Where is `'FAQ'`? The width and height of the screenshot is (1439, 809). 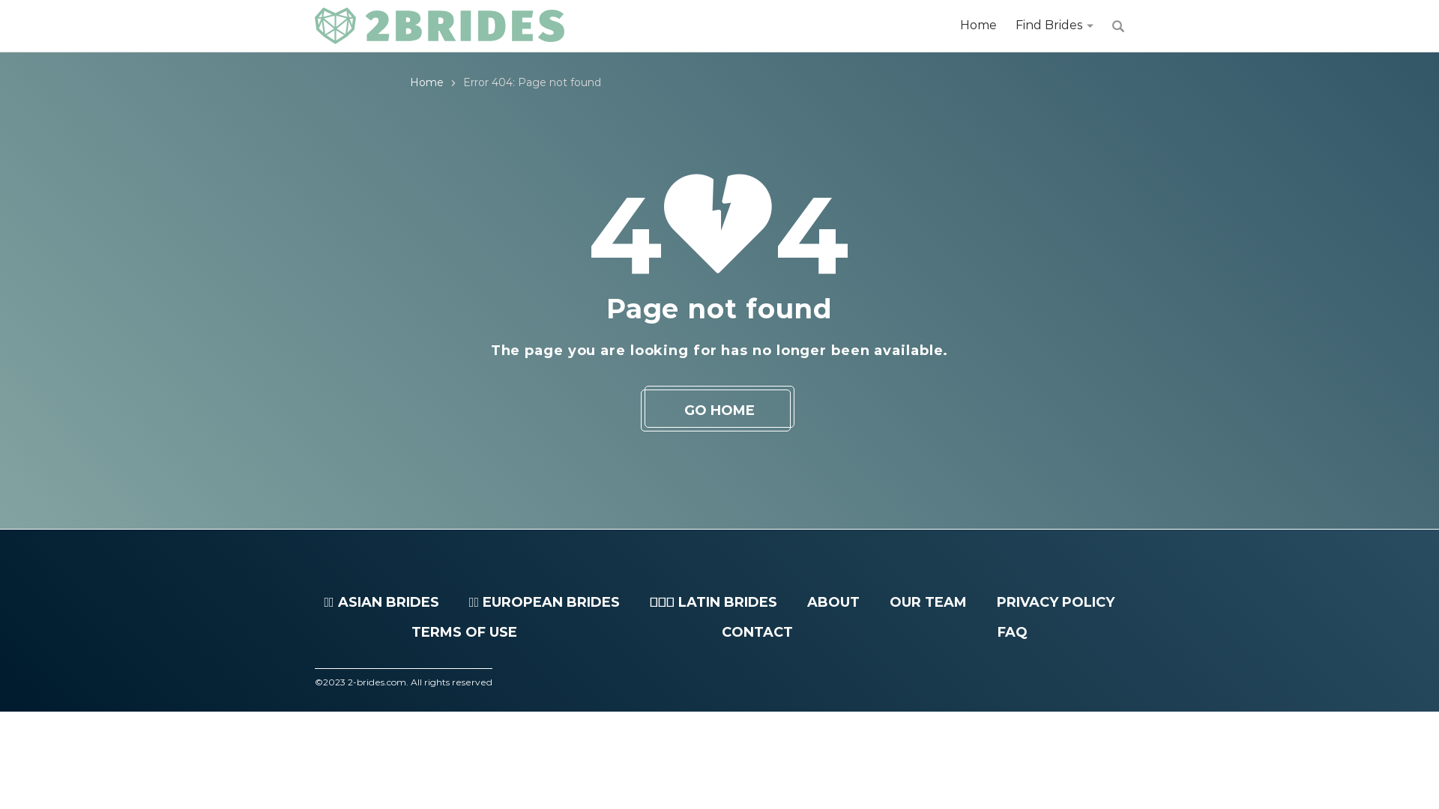
'FAQ' is located at coordinates (997, 632).